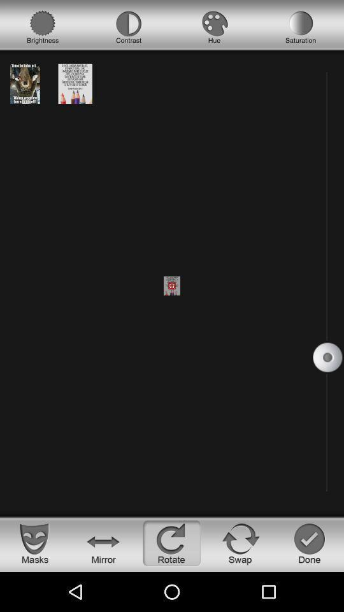 The image size is (344, 612). Describe the element at coordinates (309, 543) in the screenshot. I see `confirm an action` at that location.